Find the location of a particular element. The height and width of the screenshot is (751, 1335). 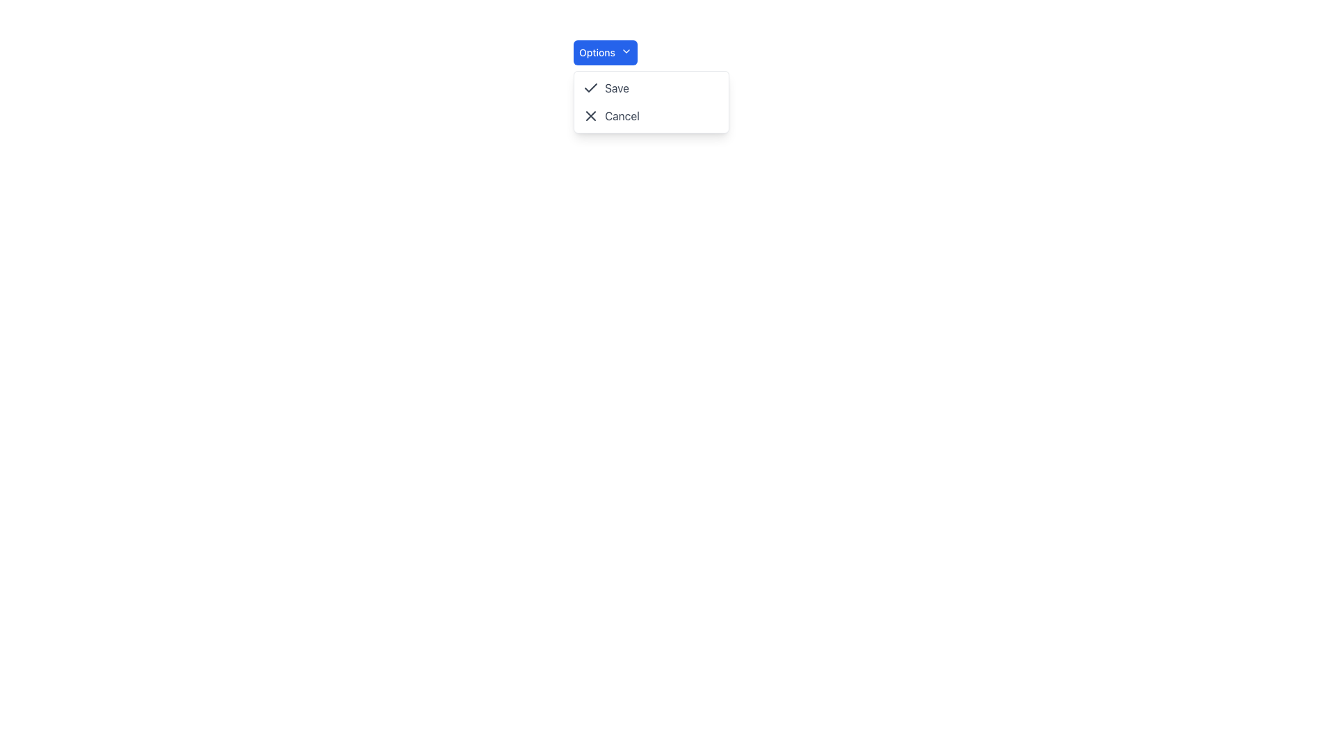

the 'Cancel' option in the dropdown menu located below the 'Options' button in the center of the interface is located at coordinates (651, 101).